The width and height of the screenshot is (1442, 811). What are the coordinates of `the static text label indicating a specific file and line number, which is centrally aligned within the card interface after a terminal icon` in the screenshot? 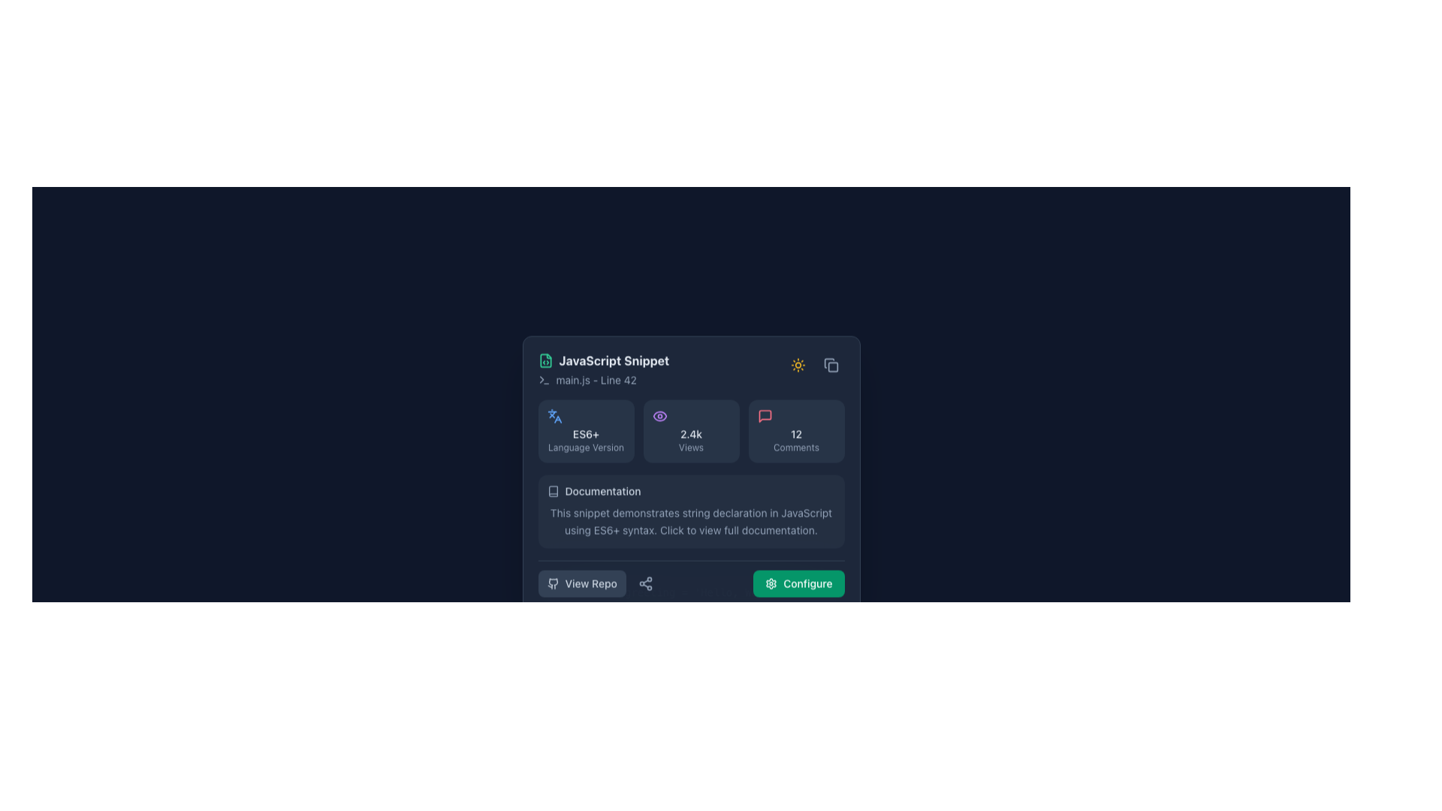 It's located at (596, 379).